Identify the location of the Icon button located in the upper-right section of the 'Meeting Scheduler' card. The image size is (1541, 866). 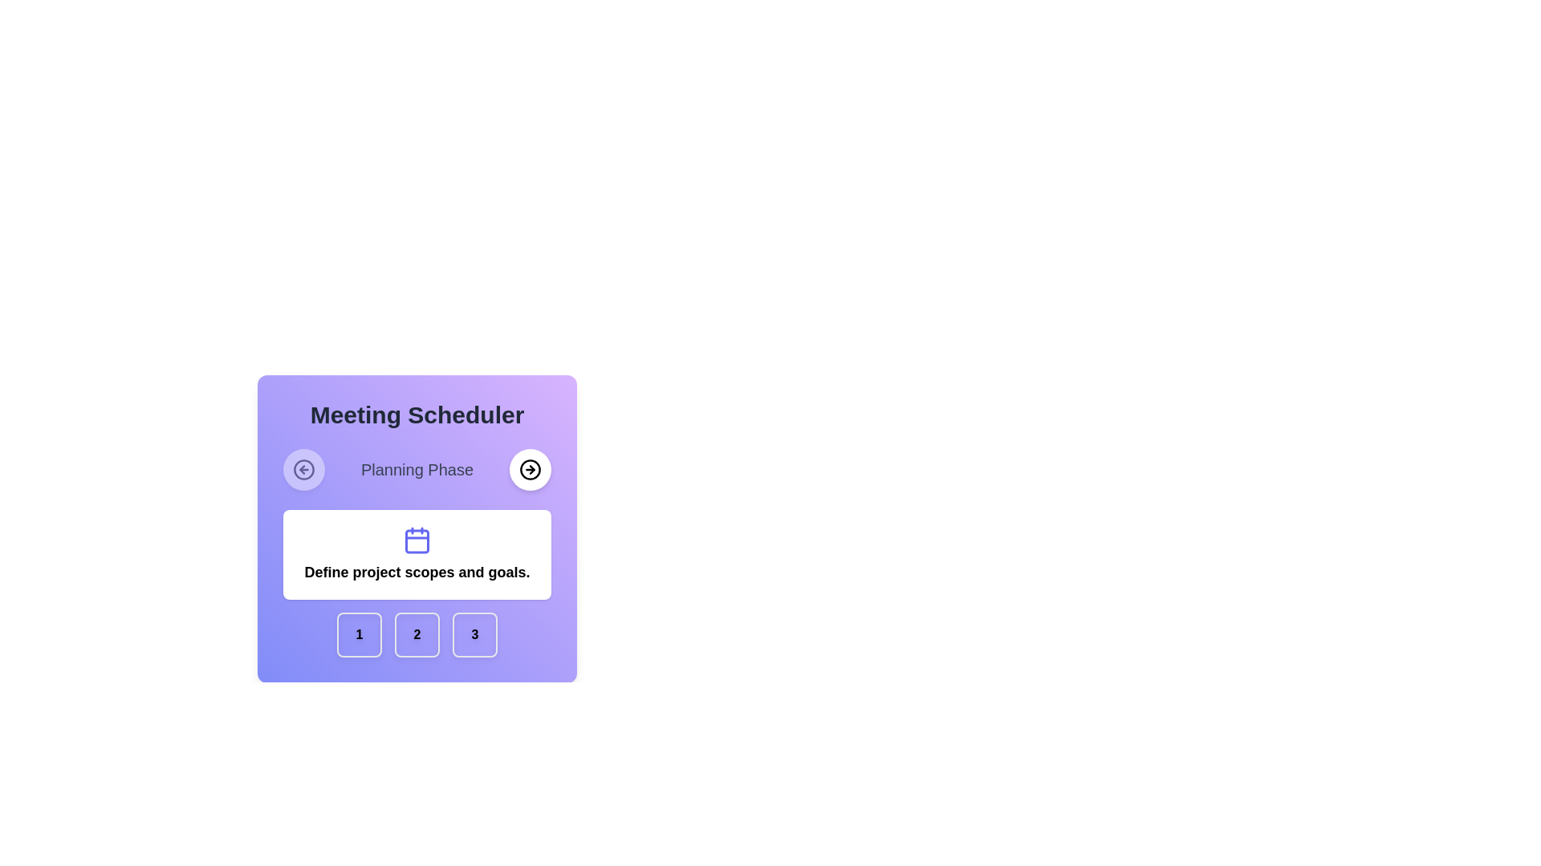
(304, 469).